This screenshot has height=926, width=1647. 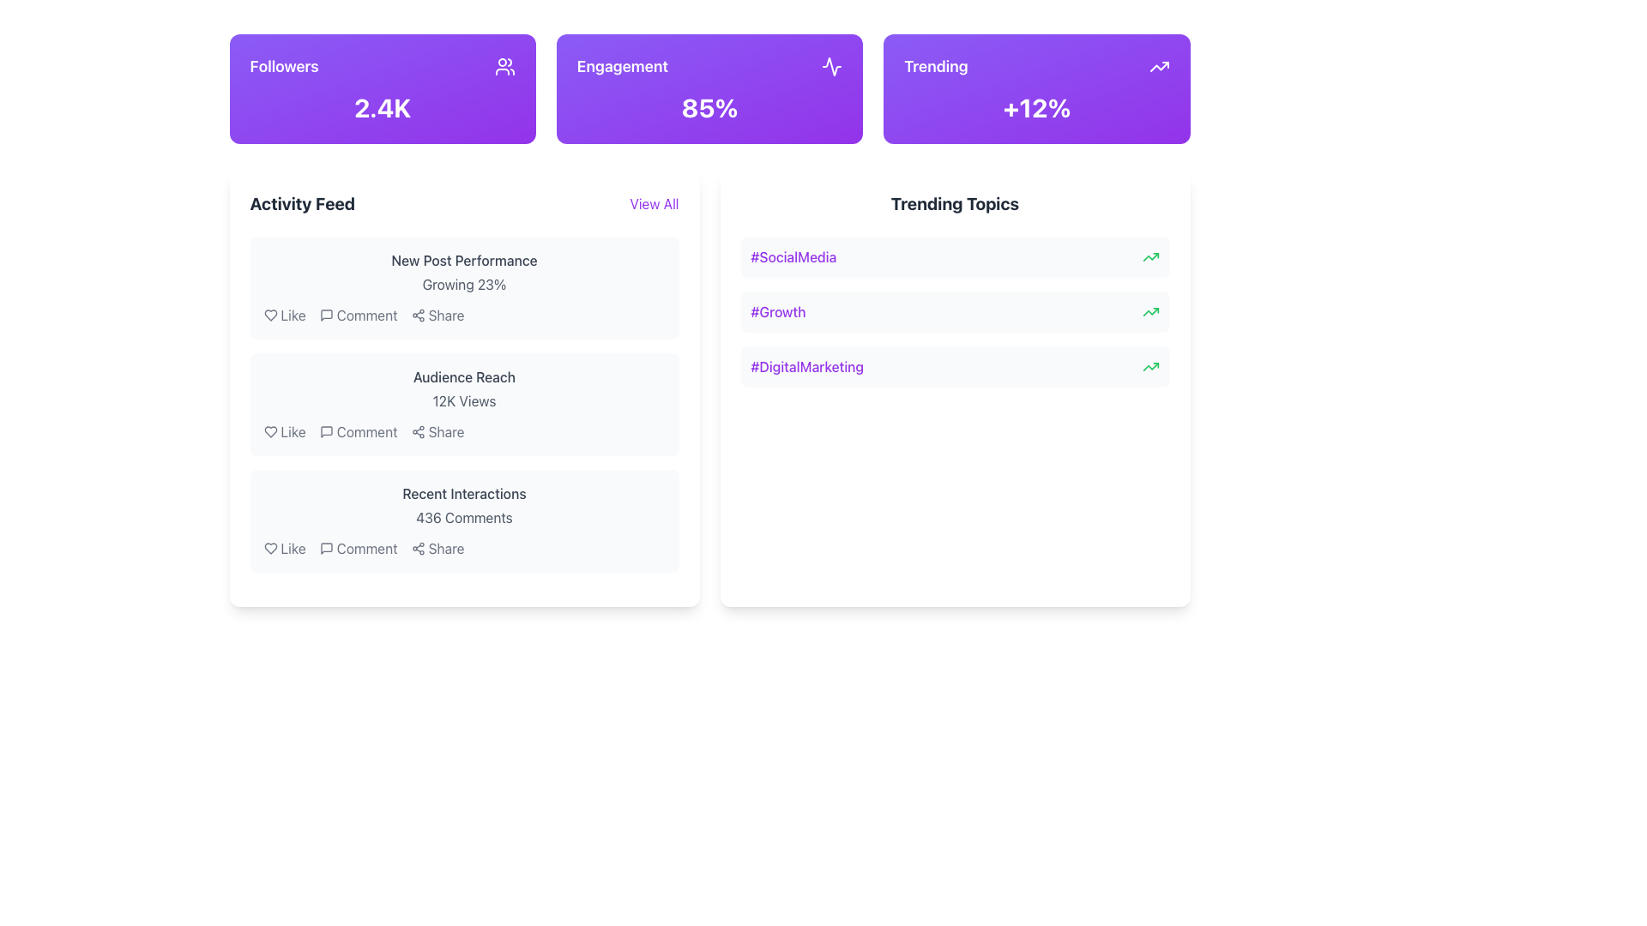 What do you see at coordinates (464, 283) in the screenshot?
I see `the text label displaying 'Growing 23%' located below the 'New Post Performance' heading in the 'Activity Feed'` at bounding box center [464, 283].